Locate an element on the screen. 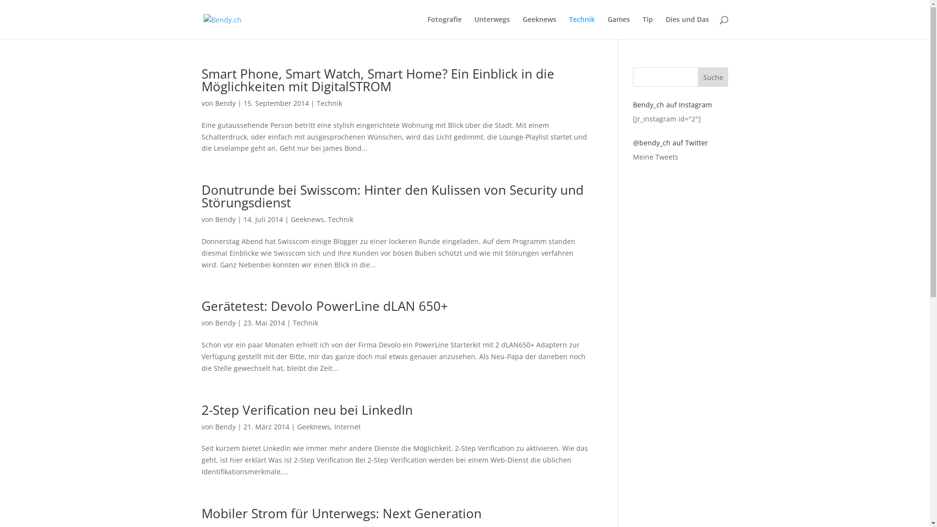 The width and height of the screenshot is (937, 527). 'Games' is located at coordinates (618, 27).